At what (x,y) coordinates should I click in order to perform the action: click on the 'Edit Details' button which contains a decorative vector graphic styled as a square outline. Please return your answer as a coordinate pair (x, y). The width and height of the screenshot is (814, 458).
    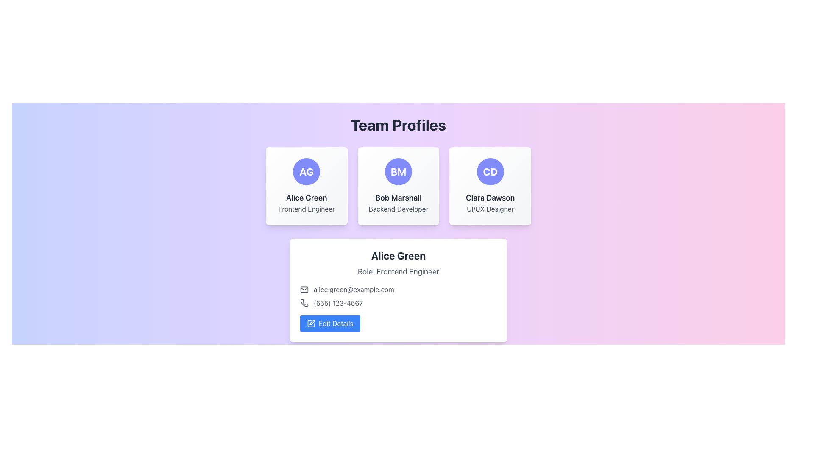
    Looking at the image, I should click on (311, 324).